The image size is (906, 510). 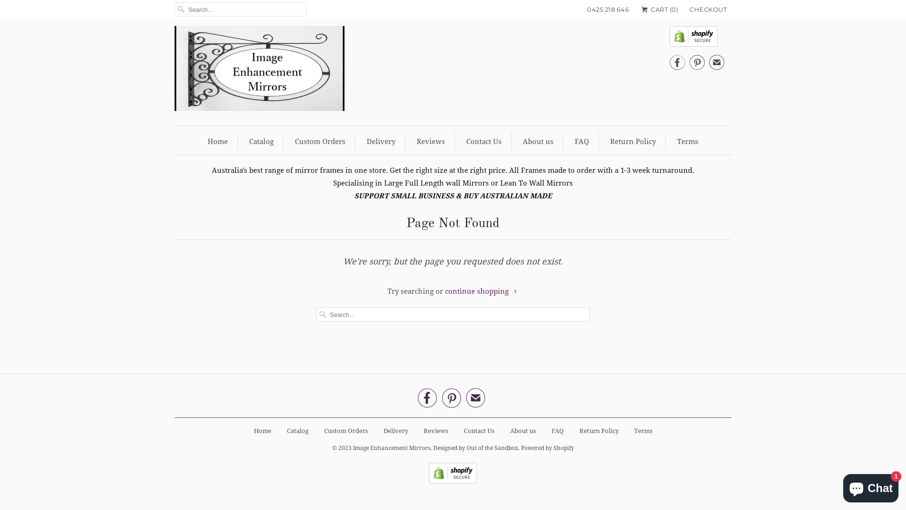 I want to click on 'Image Enhancement Mirrors', so click(x=392, y=445).